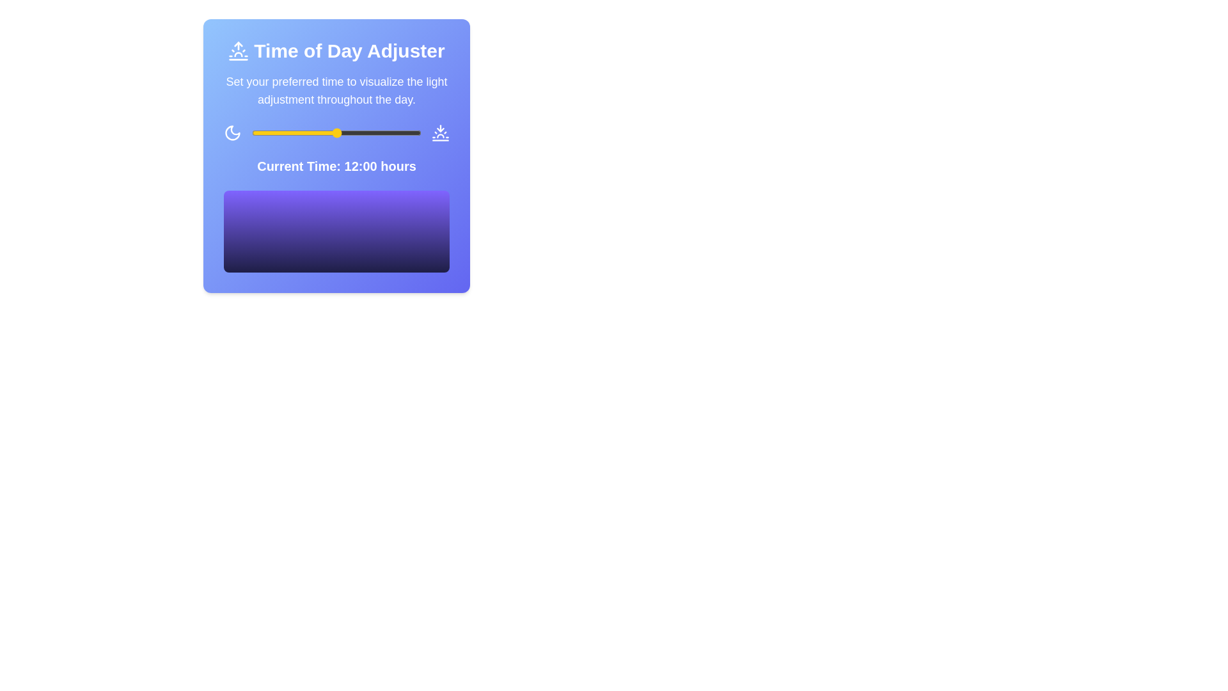  I want to click on the time slider to set the time to 10 hours, so click(322, 133).